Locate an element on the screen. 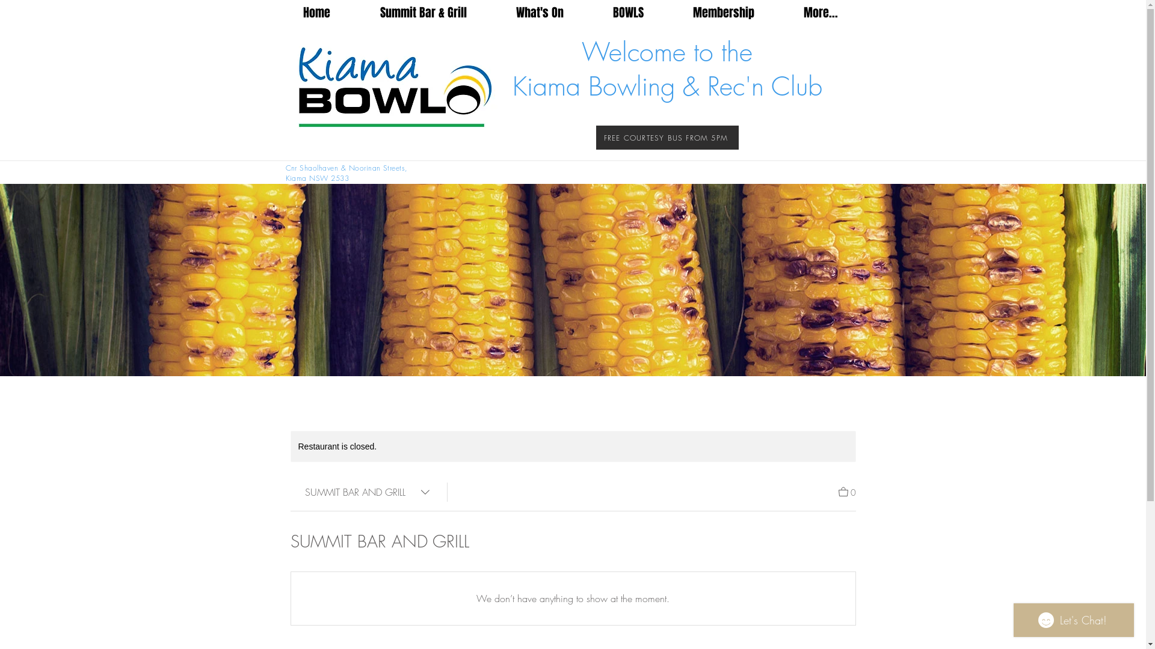 The width and height of the screenshot is (1155, 649). 'Membership' is located at coordinates (722, 13).